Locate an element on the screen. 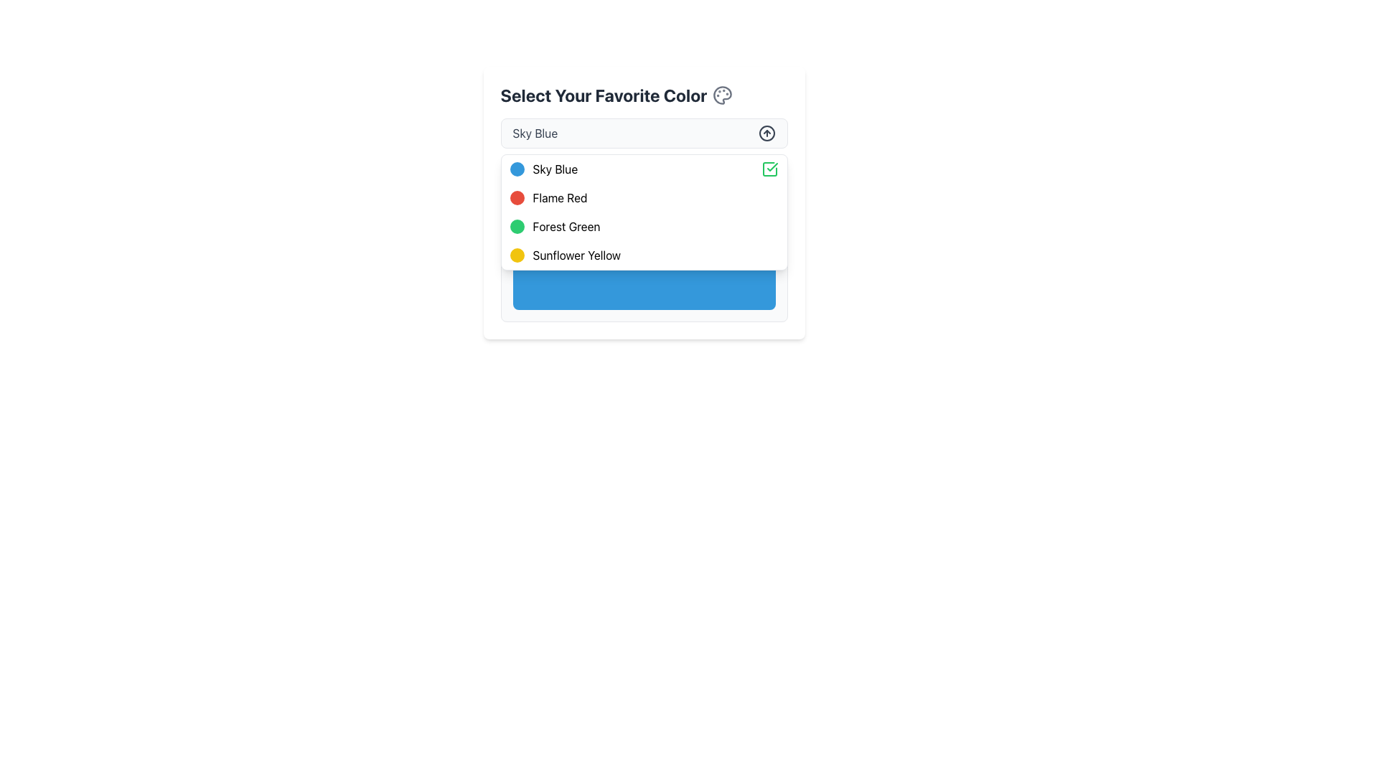 The image size is (1378, 775). the selection indicator icon indicating that the 'Sky Blue' option is currently selected in the dropdown list is located at coordinates (769, 168).